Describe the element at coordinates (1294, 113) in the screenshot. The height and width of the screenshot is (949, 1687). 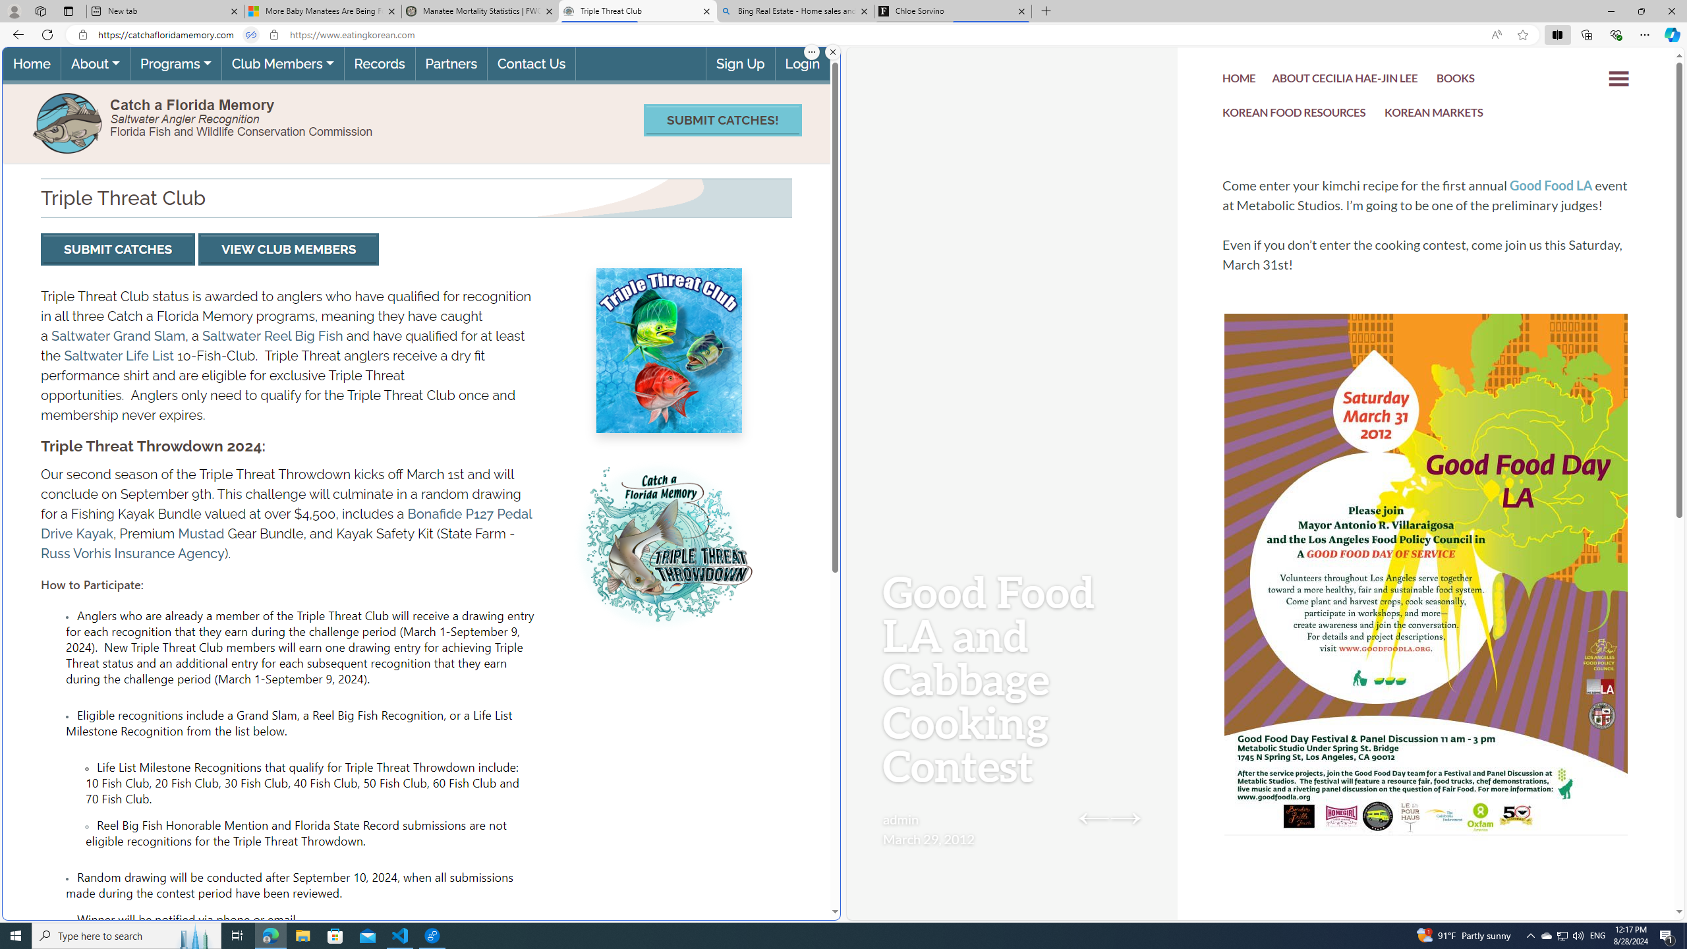
I see `'KOREAN FOOD RESOURCES'` at that location.